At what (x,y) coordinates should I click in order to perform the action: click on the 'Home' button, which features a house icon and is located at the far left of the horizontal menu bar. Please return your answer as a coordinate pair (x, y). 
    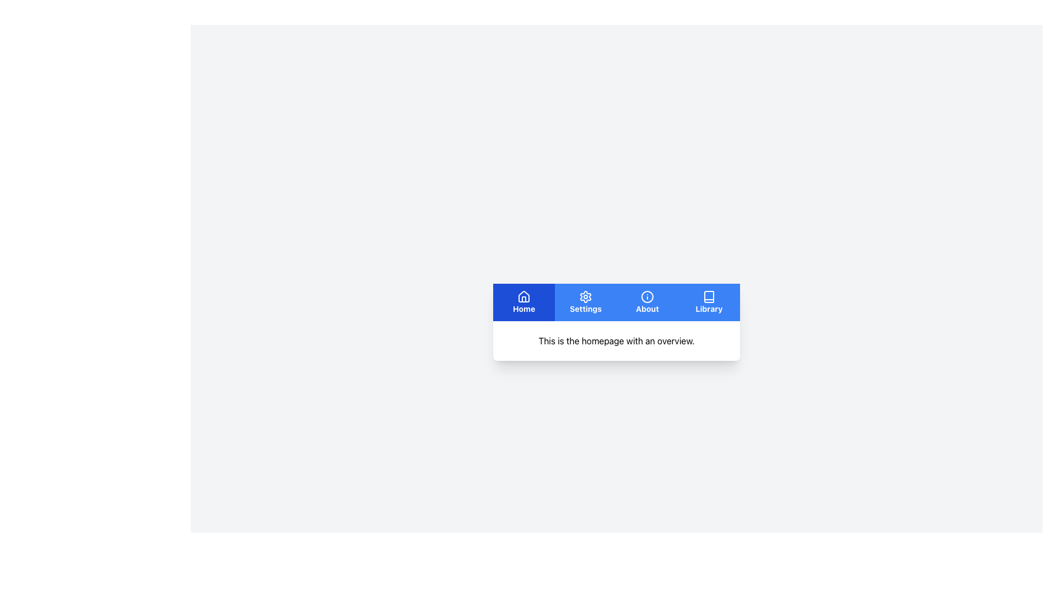
    Looking at the image, I should click on (523, 302).